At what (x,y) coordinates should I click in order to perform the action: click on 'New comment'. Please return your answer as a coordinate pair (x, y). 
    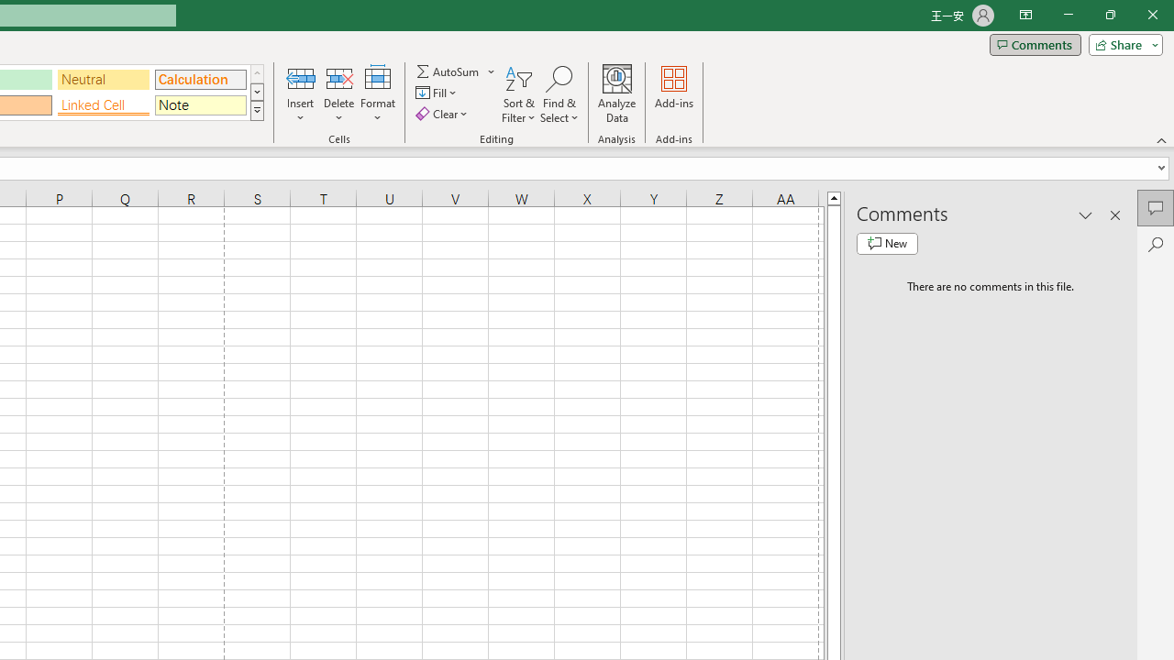
    Looking at the image, I should click on (887, 243).